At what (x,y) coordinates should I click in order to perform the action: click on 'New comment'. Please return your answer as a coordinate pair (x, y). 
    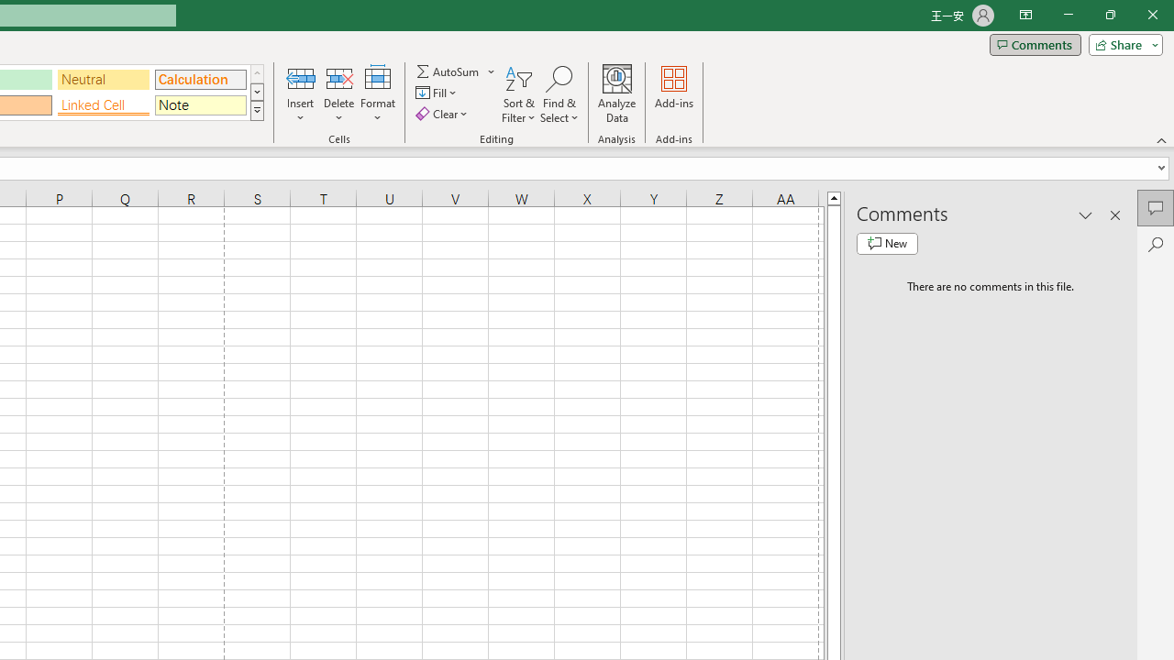
    Looking at the image, I should click on (887, 243).